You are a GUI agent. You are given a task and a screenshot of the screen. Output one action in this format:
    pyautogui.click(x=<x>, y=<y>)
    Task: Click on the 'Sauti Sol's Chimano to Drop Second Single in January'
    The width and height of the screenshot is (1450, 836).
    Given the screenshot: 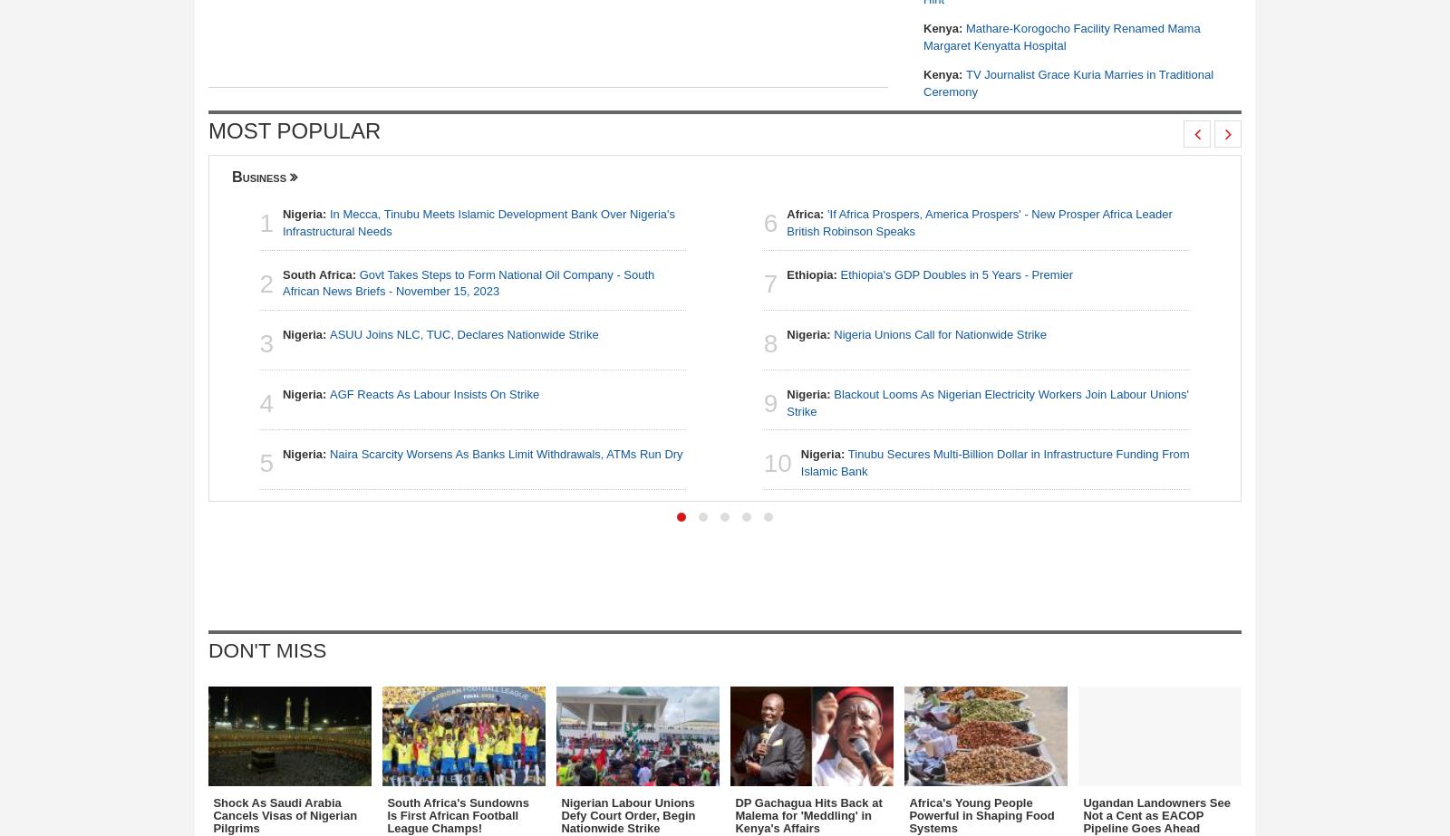 What is the action you would take?
    pyautogui.click(x=1064, y=541)
    